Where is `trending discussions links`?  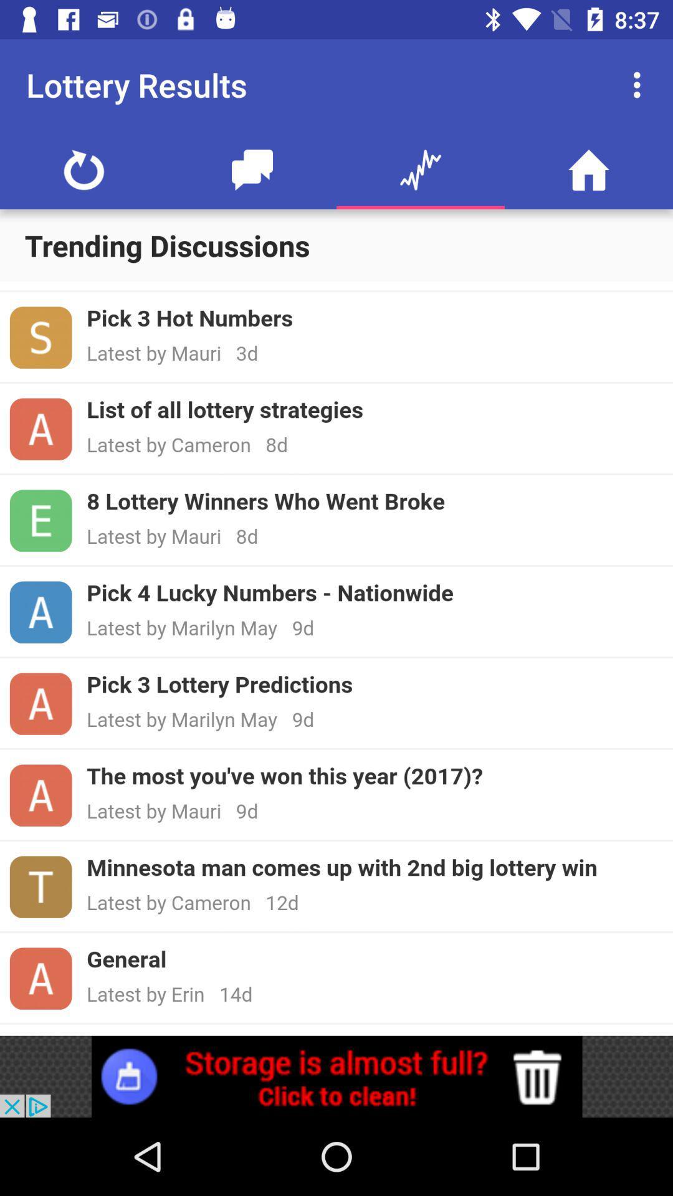 trending discussions links is located at coordinates (336, 658).